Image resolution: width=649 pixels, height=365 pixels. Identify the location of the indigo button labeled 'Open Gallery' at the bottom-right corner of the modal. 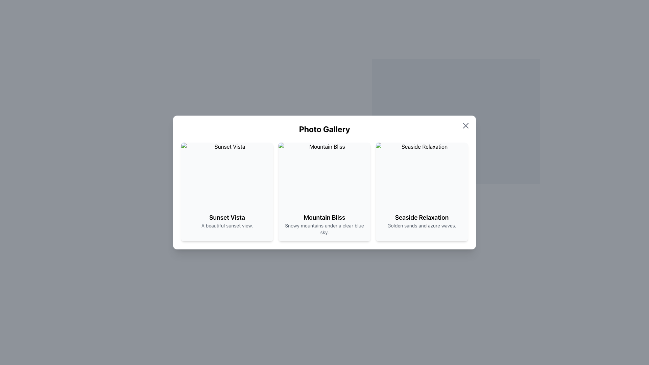
(456, 241).